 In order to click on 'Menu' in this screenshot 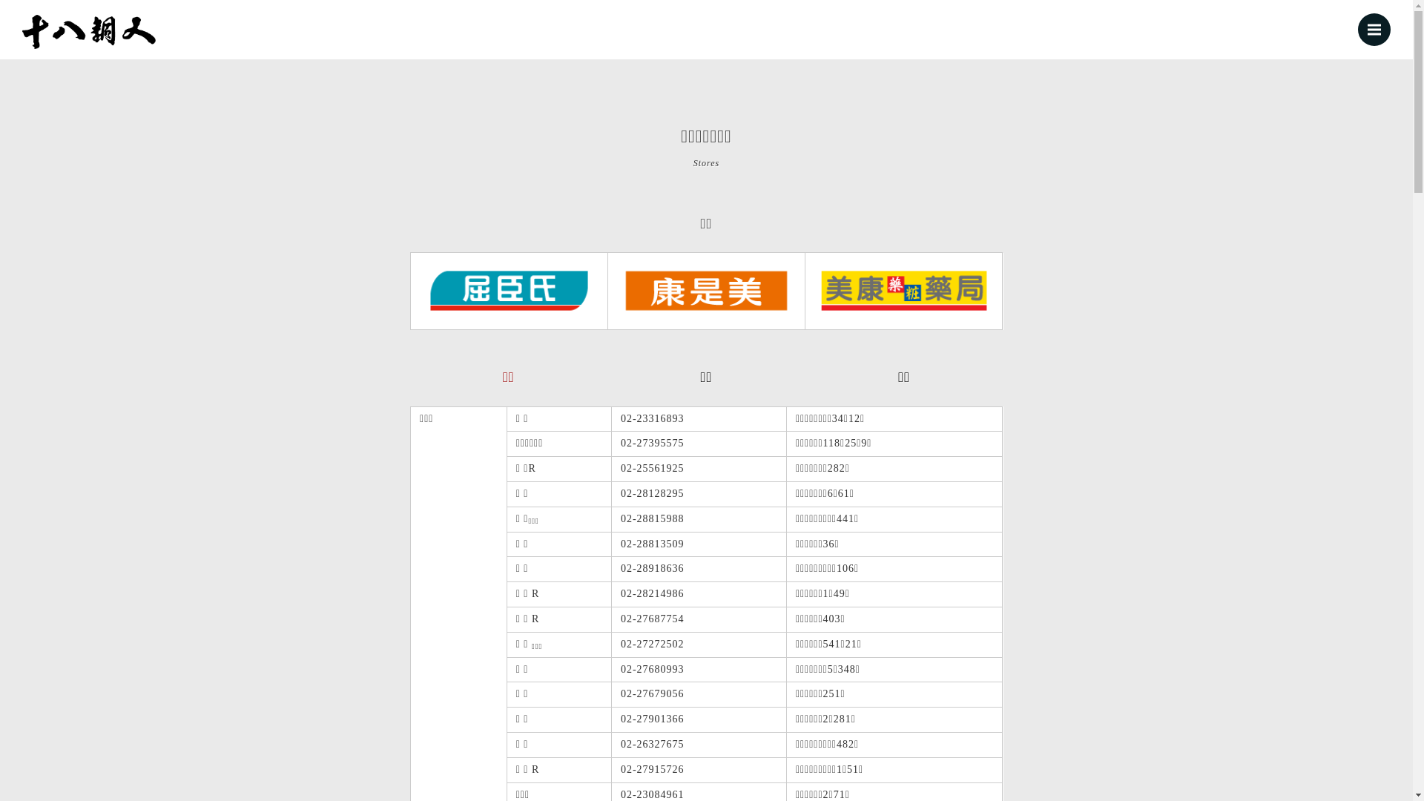, I will do `click(1373, 29)`.